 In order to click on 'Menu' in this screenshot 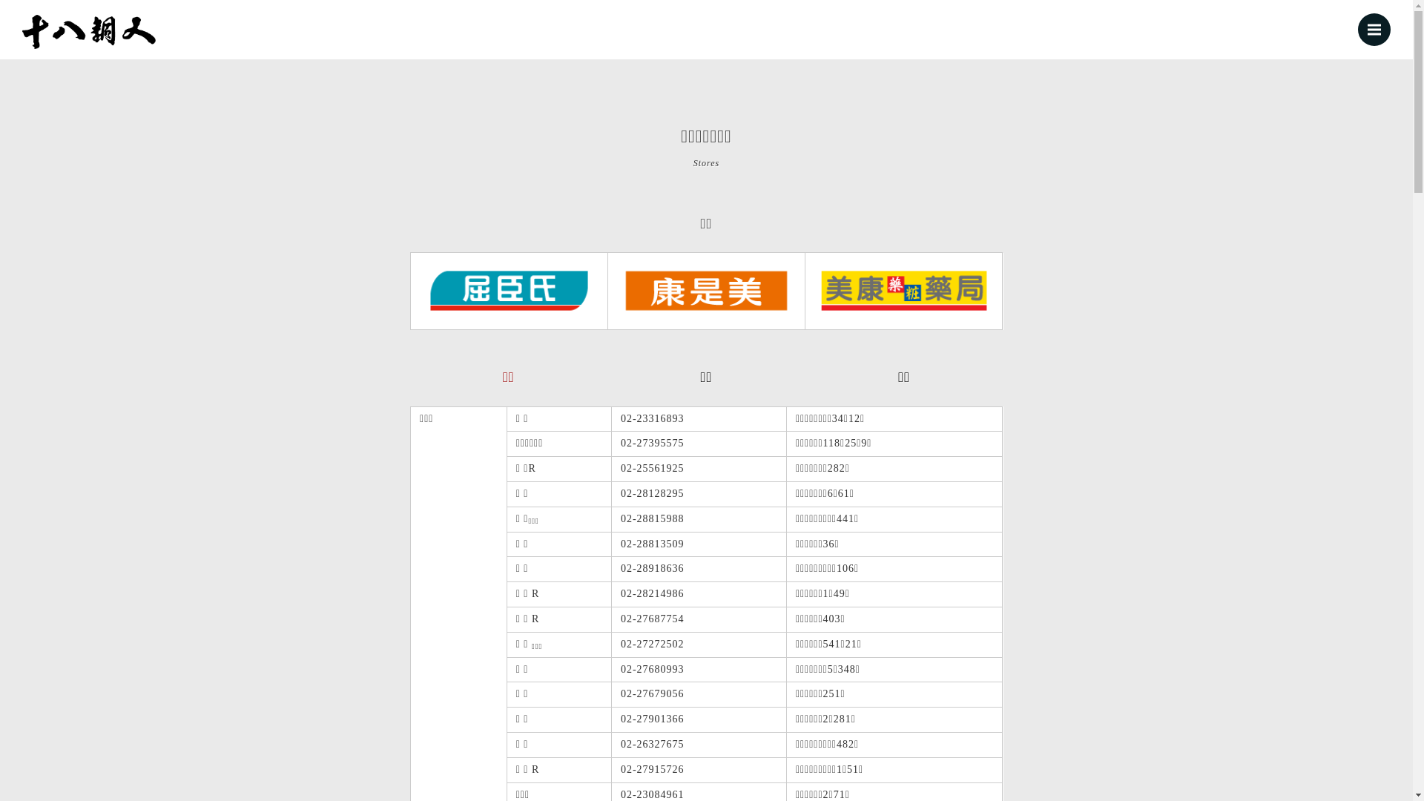, I will do `click(1373, 29)`.